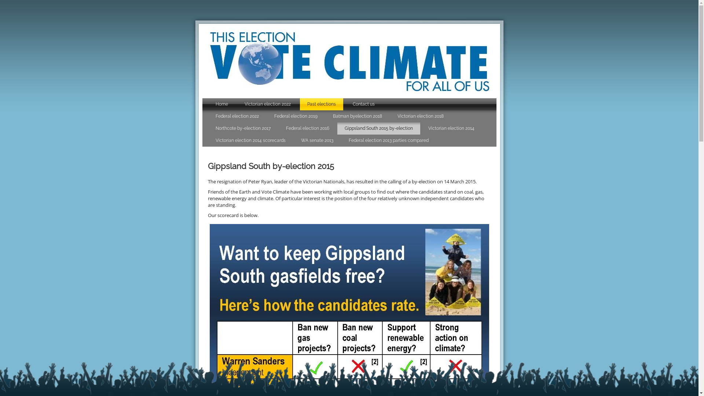 Image resolution: width=704 pixels, height=396 pixels. I want to click on 'Victorian election 2014 scorecards', so click(250, 140).